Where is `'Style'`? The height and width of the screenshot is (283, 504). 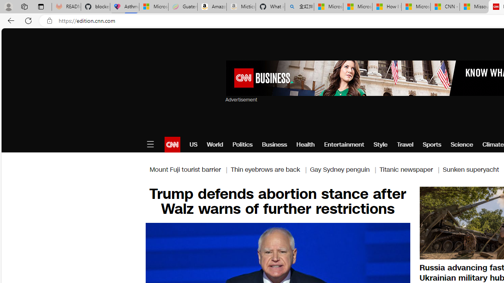
'Style' is located at coordinates (381, 144).